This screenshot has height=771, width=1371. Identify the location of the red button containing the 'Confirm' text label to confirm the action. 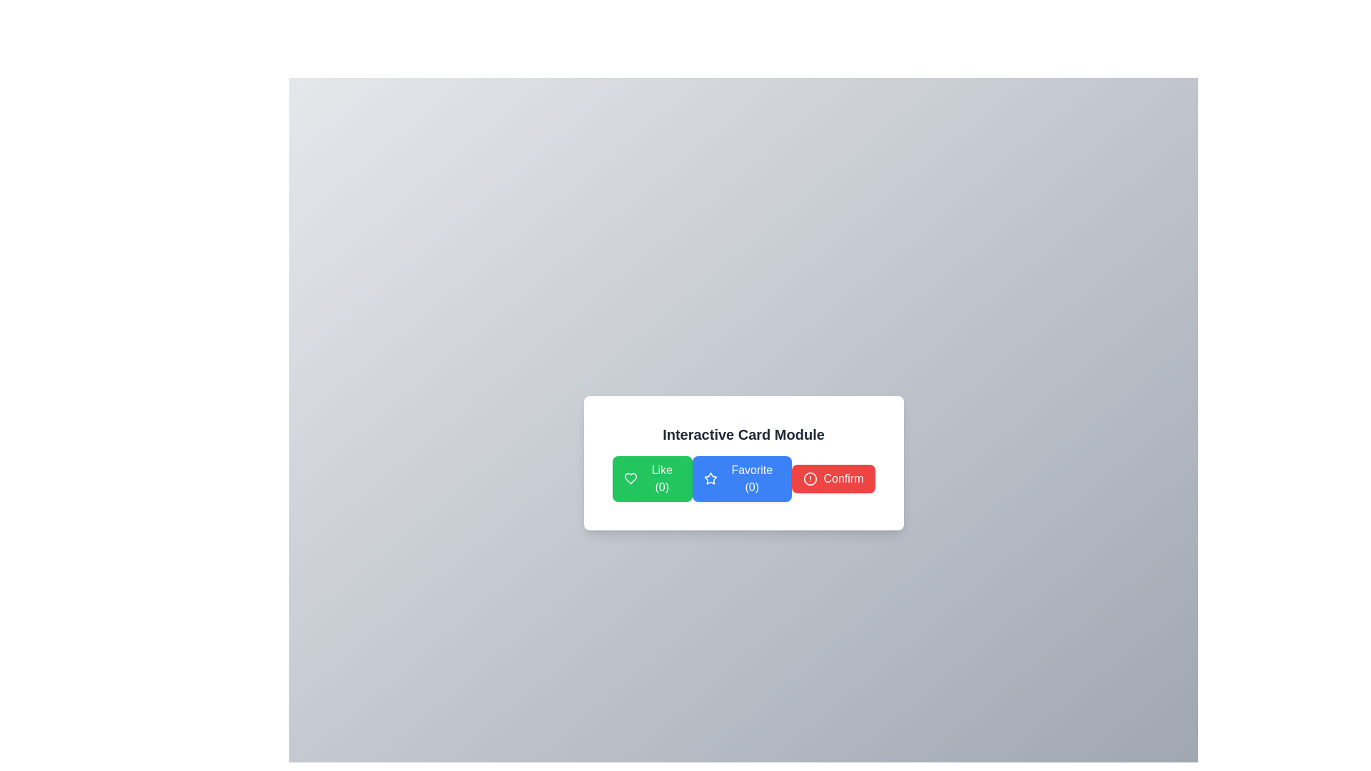
(843, 479).